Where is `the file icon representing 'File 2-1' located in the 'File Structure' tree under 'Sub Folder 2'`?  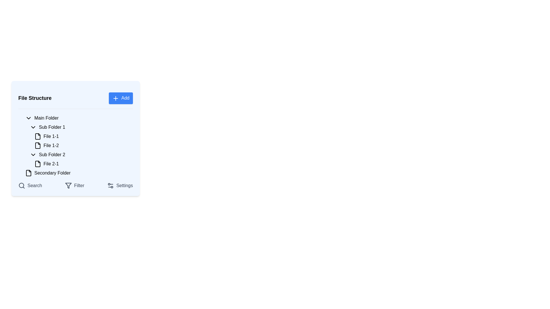 the file icon representing 'File 2-1' located in the 'File Structure' tree under 'Sub Folder 2' is located at coordinates (38, 163).